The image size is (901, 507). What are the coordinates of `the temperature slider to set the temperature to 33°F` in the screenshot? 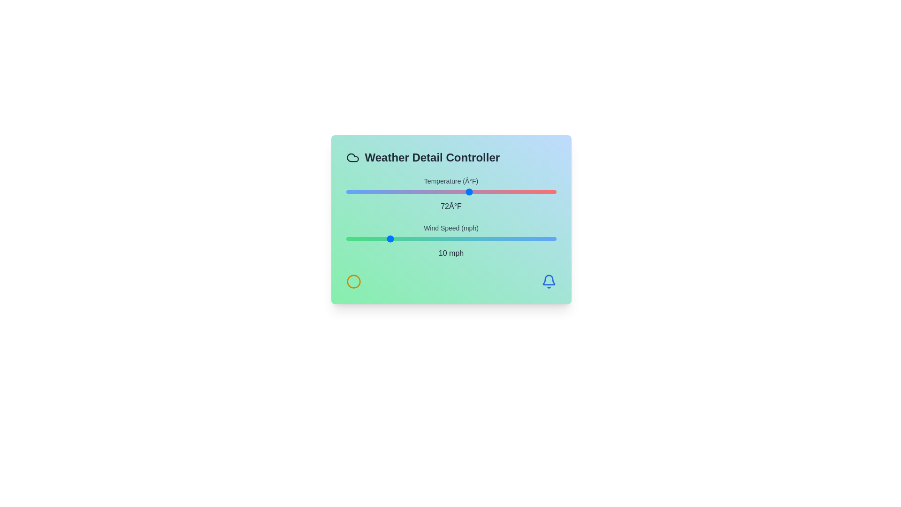 It's located at (349, 191).